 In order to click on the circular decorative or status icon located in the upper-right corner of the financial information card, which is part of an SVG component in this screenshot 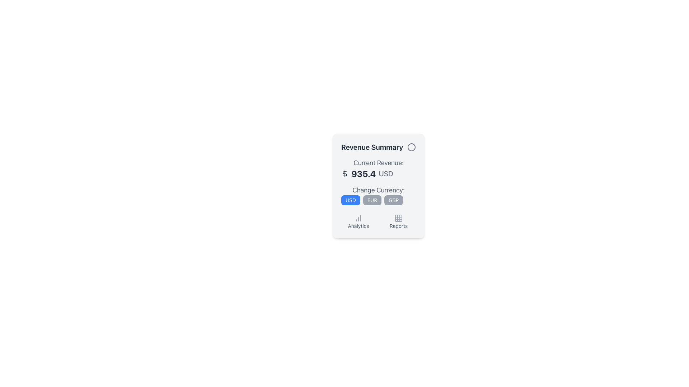, I will do `click(412, 147)`.